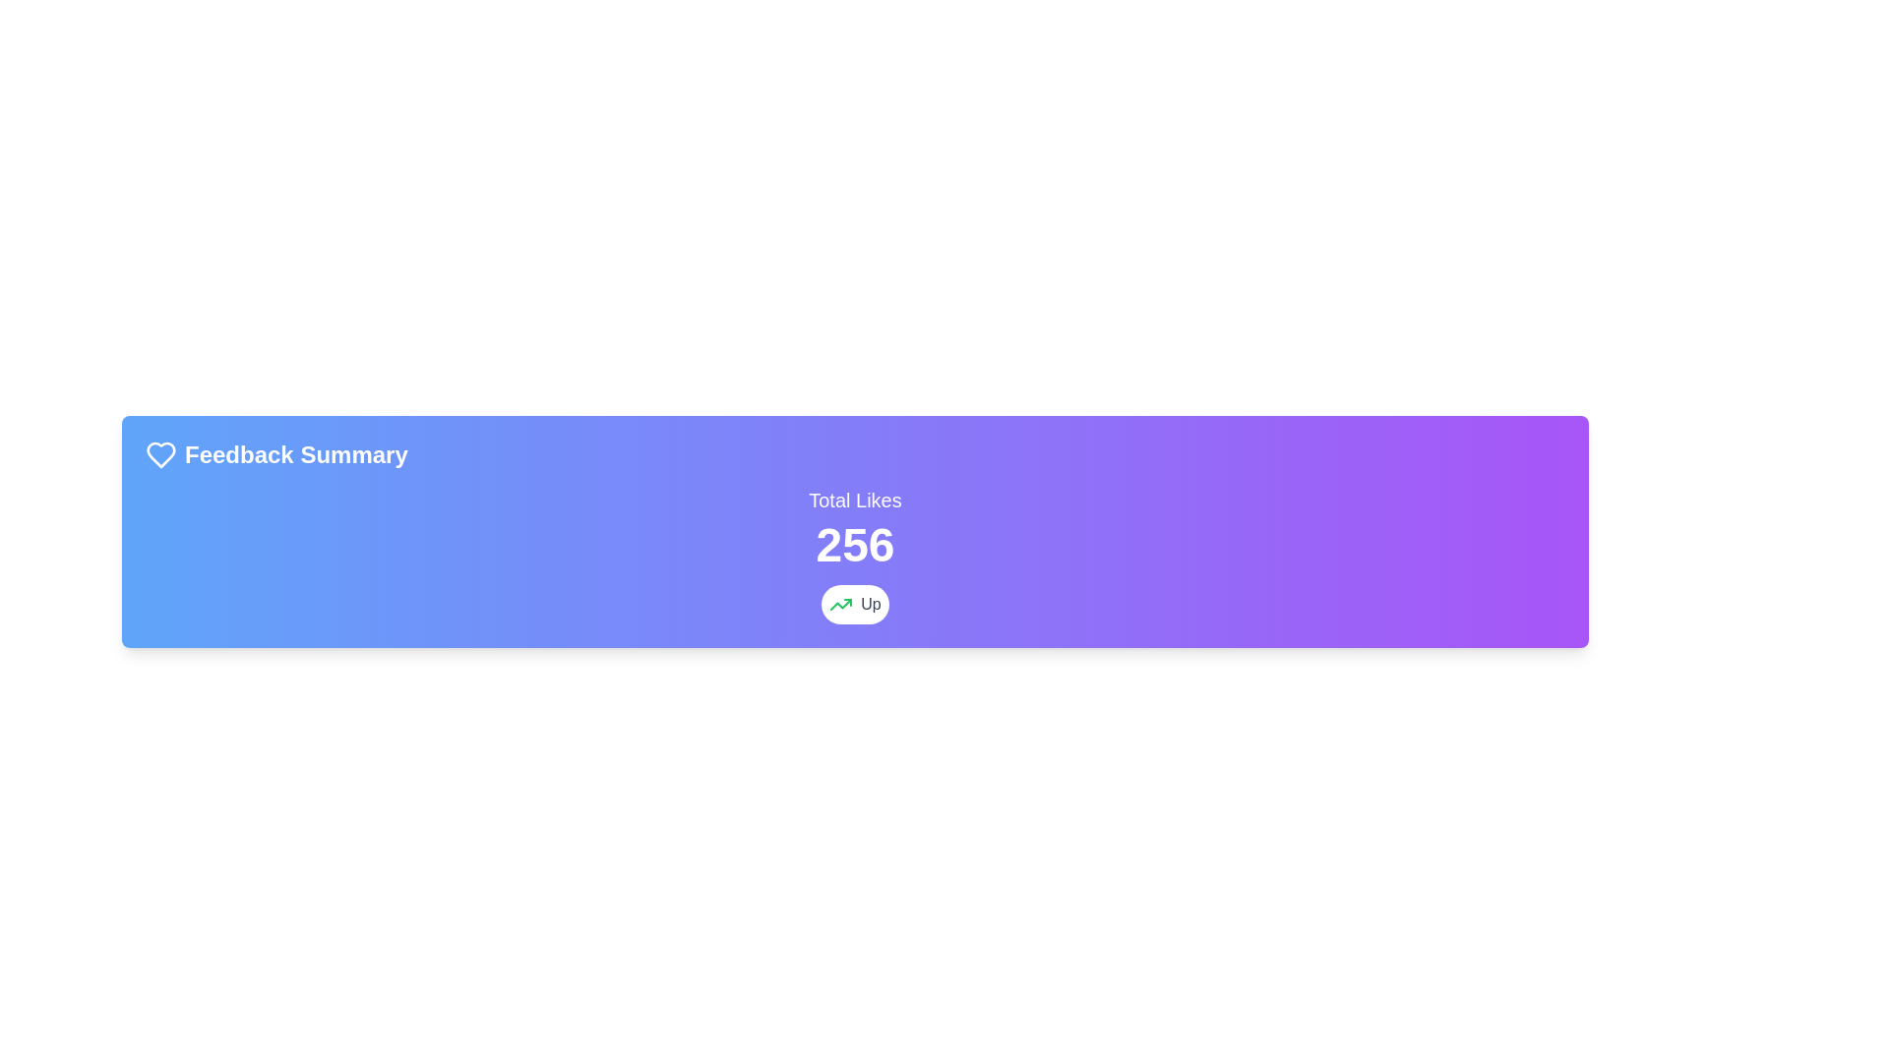 The image size is (1889, 1062). I want to click on the 'Feedback Summary' text label, so click(295, 454).